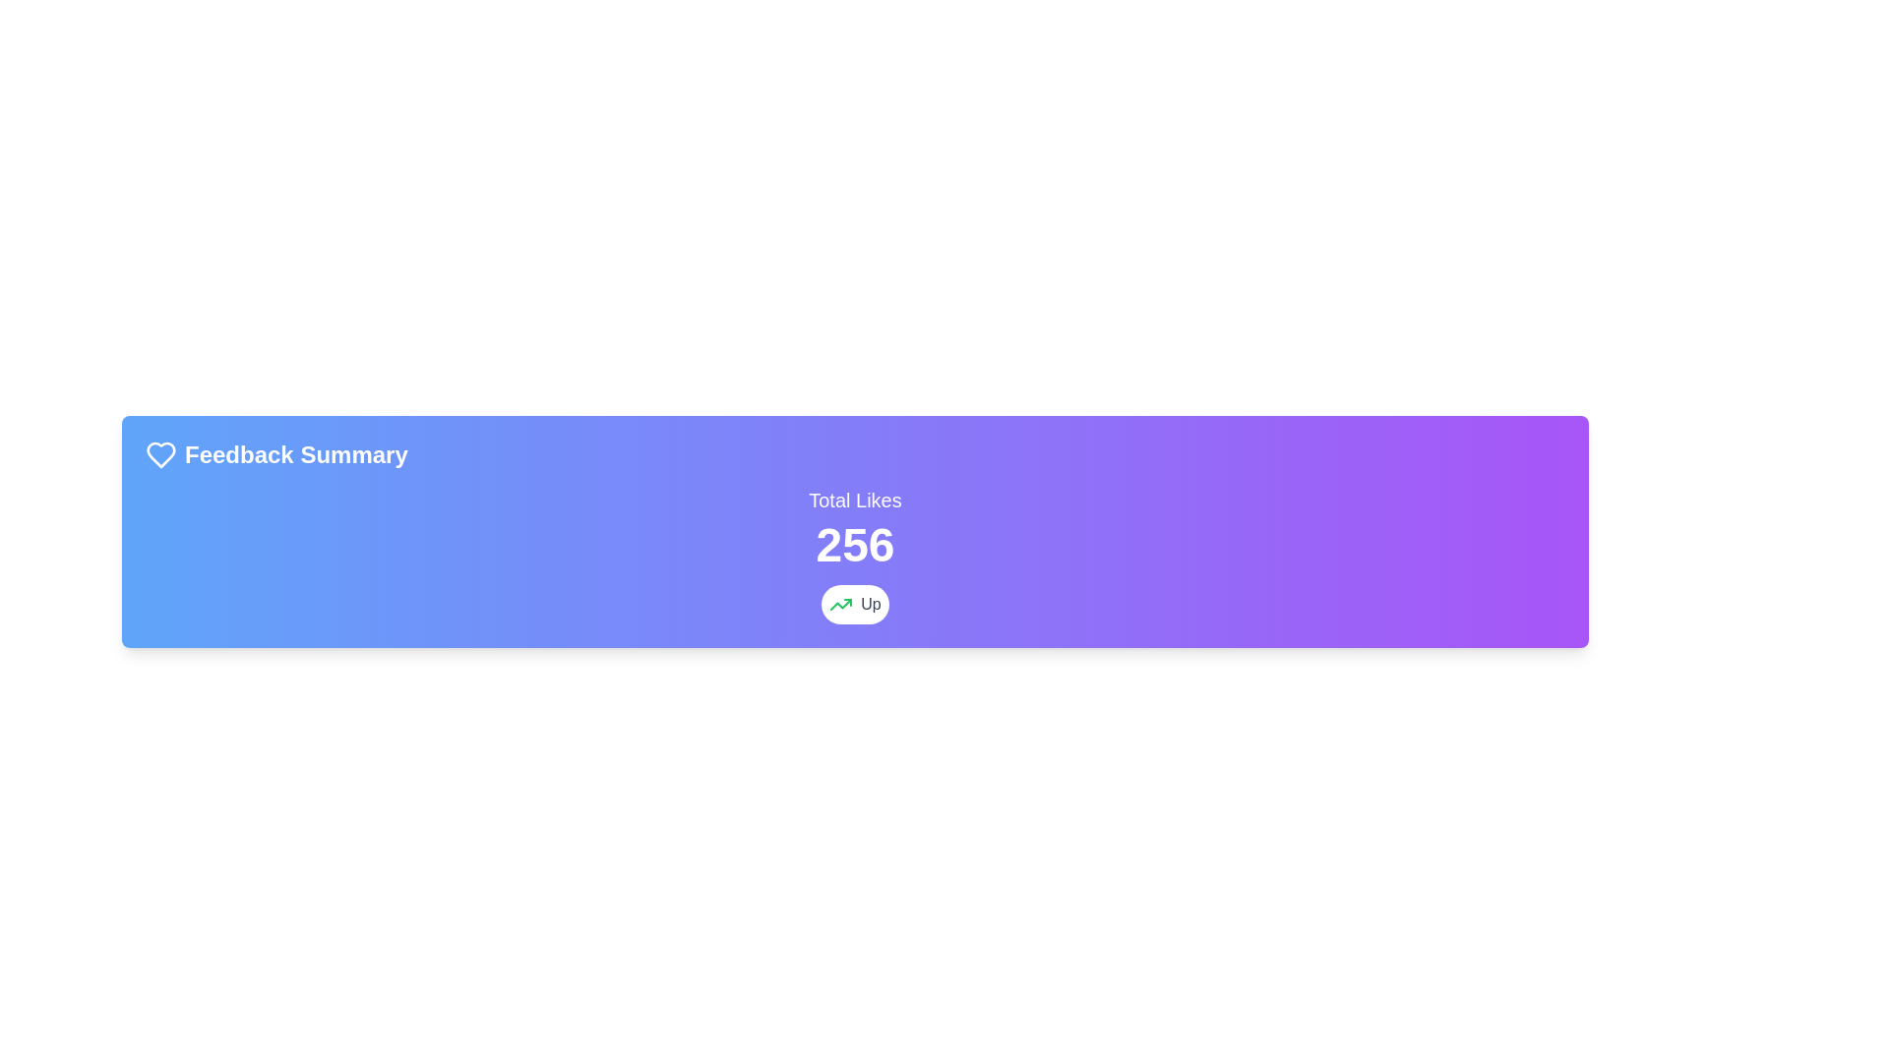 The image size is (1889, 1062). I want to click on the 'Feedback Summary' text label, so click(295, 454).